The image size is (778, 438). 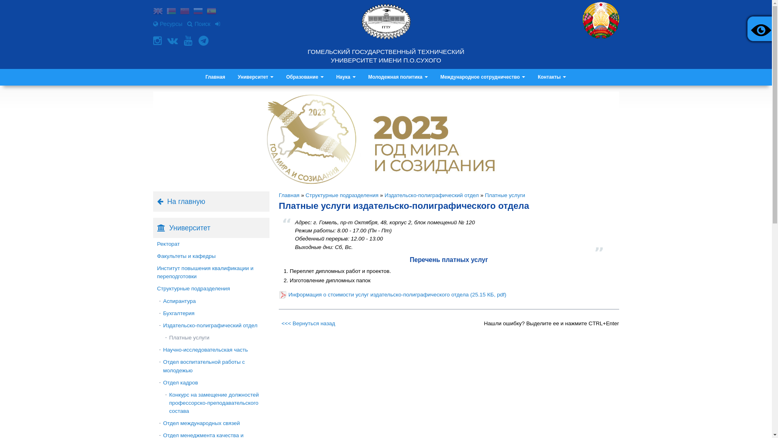 What do you see at coordinates (188, 41) in the screenshot?
I see `'YouTube'` at bounding box center [188, 41].